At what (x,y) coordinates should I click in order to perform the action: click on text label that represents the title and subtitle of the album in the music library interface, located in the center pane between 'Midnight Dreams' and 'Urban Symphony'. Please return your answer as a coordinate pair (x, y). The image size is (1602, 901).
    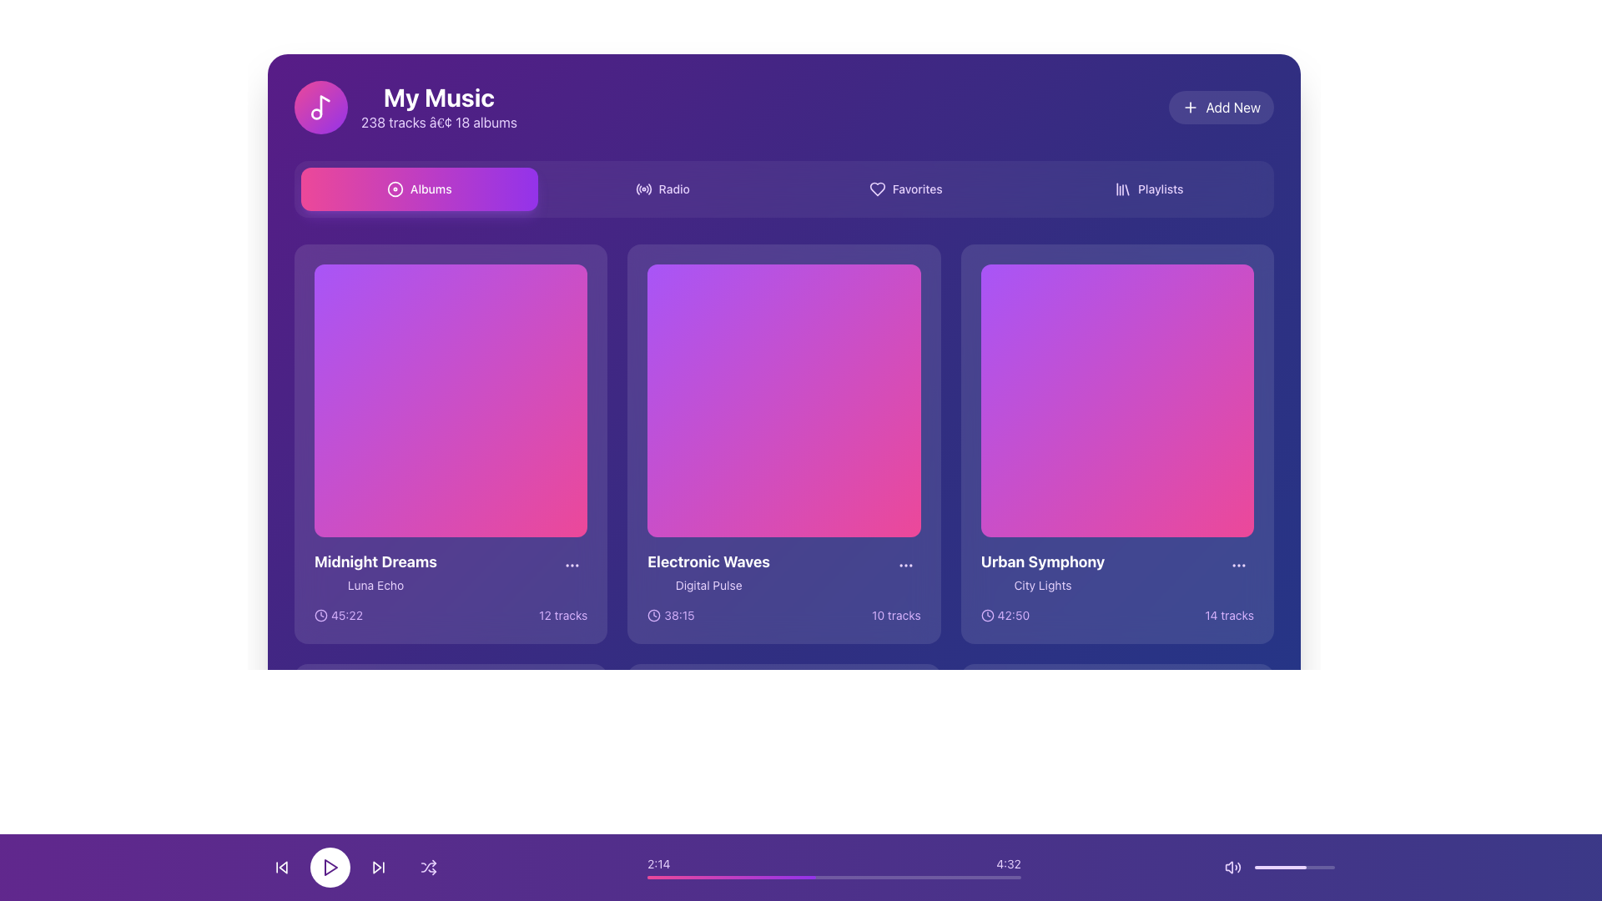
    Looking at the image, I should click on (708, 571).